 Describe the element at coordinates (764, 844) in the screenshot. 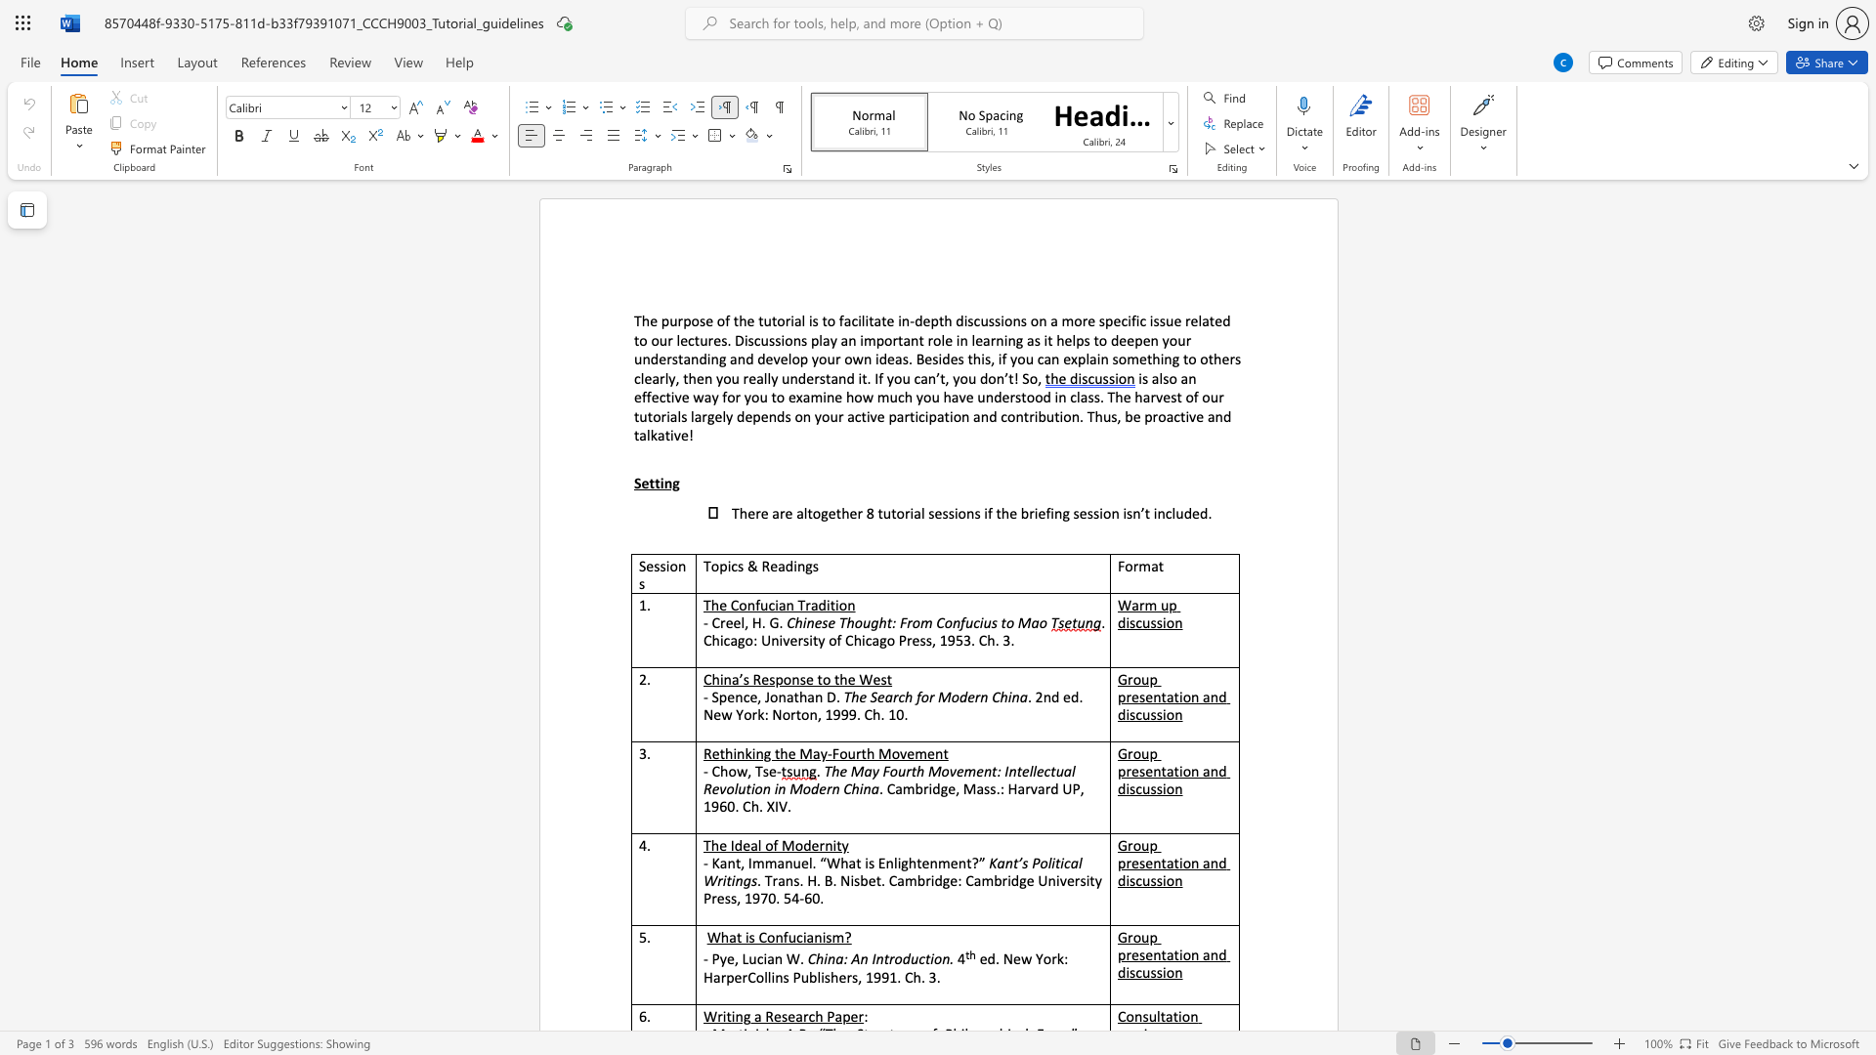

I see `the subset text "of M" within the text "The Ideal of Modernity"` at that location.